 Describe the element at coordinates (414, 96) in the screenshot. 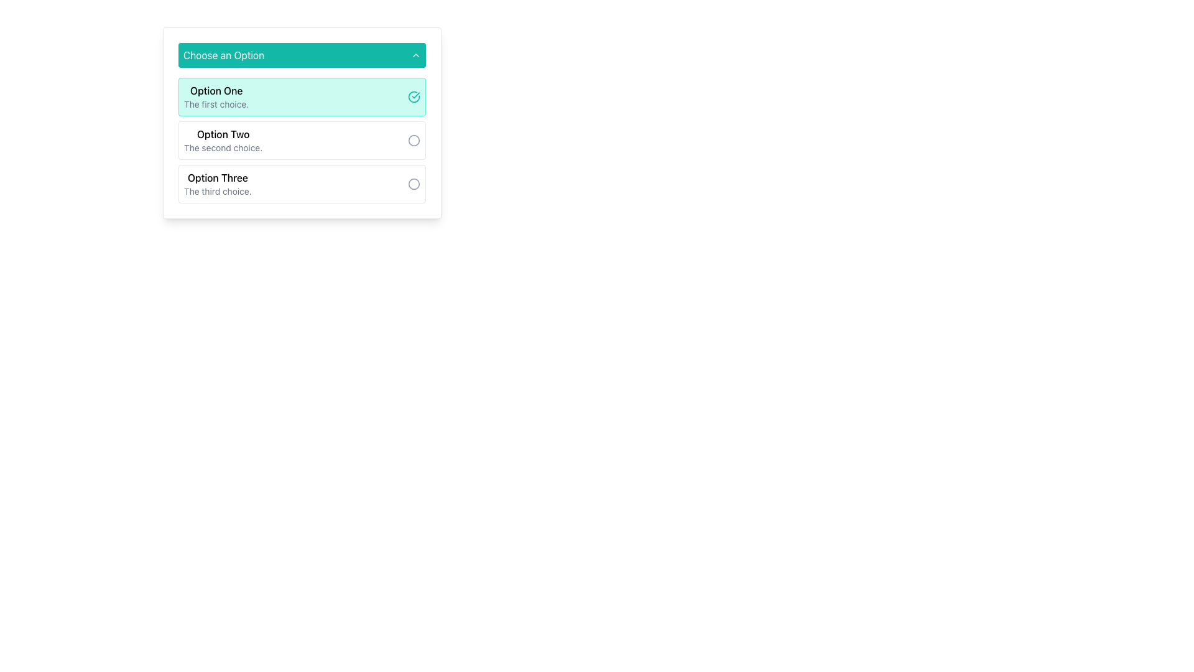

I see `the circular portion of the checkmark icon indicating that 'Option One' is the selected choice in the dropdown menu` at that location.